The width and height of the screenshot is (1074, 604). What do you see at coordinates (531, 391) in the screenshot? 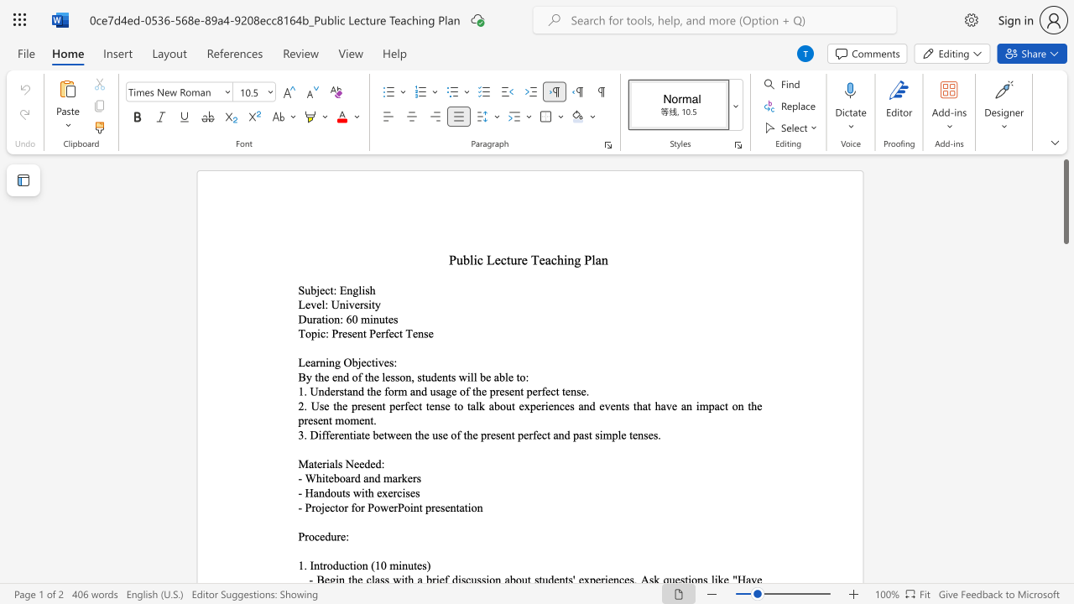
I see `the space between the continuous character "p" and "e" in the text` at bounding box center [531, 391].